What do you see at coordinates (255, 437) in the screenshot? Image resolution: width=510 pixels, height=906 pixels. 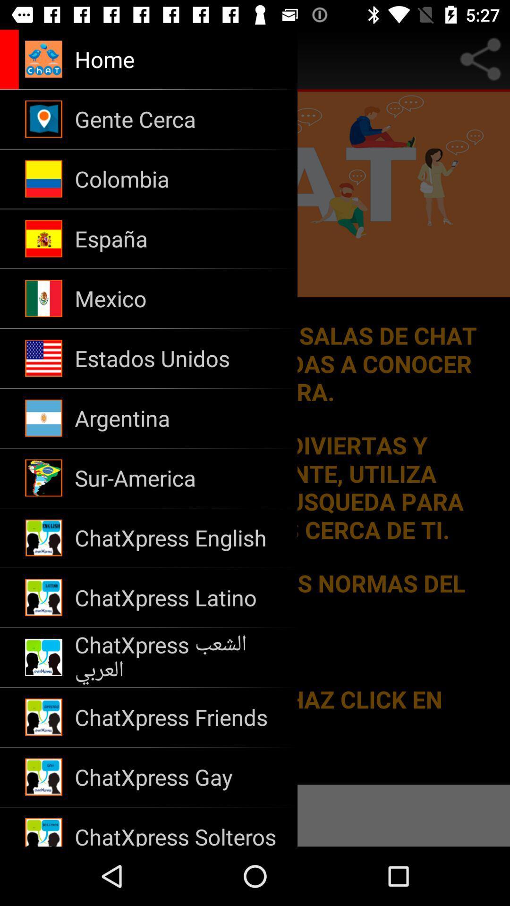 I see `country` at bounding box center [255, 437].